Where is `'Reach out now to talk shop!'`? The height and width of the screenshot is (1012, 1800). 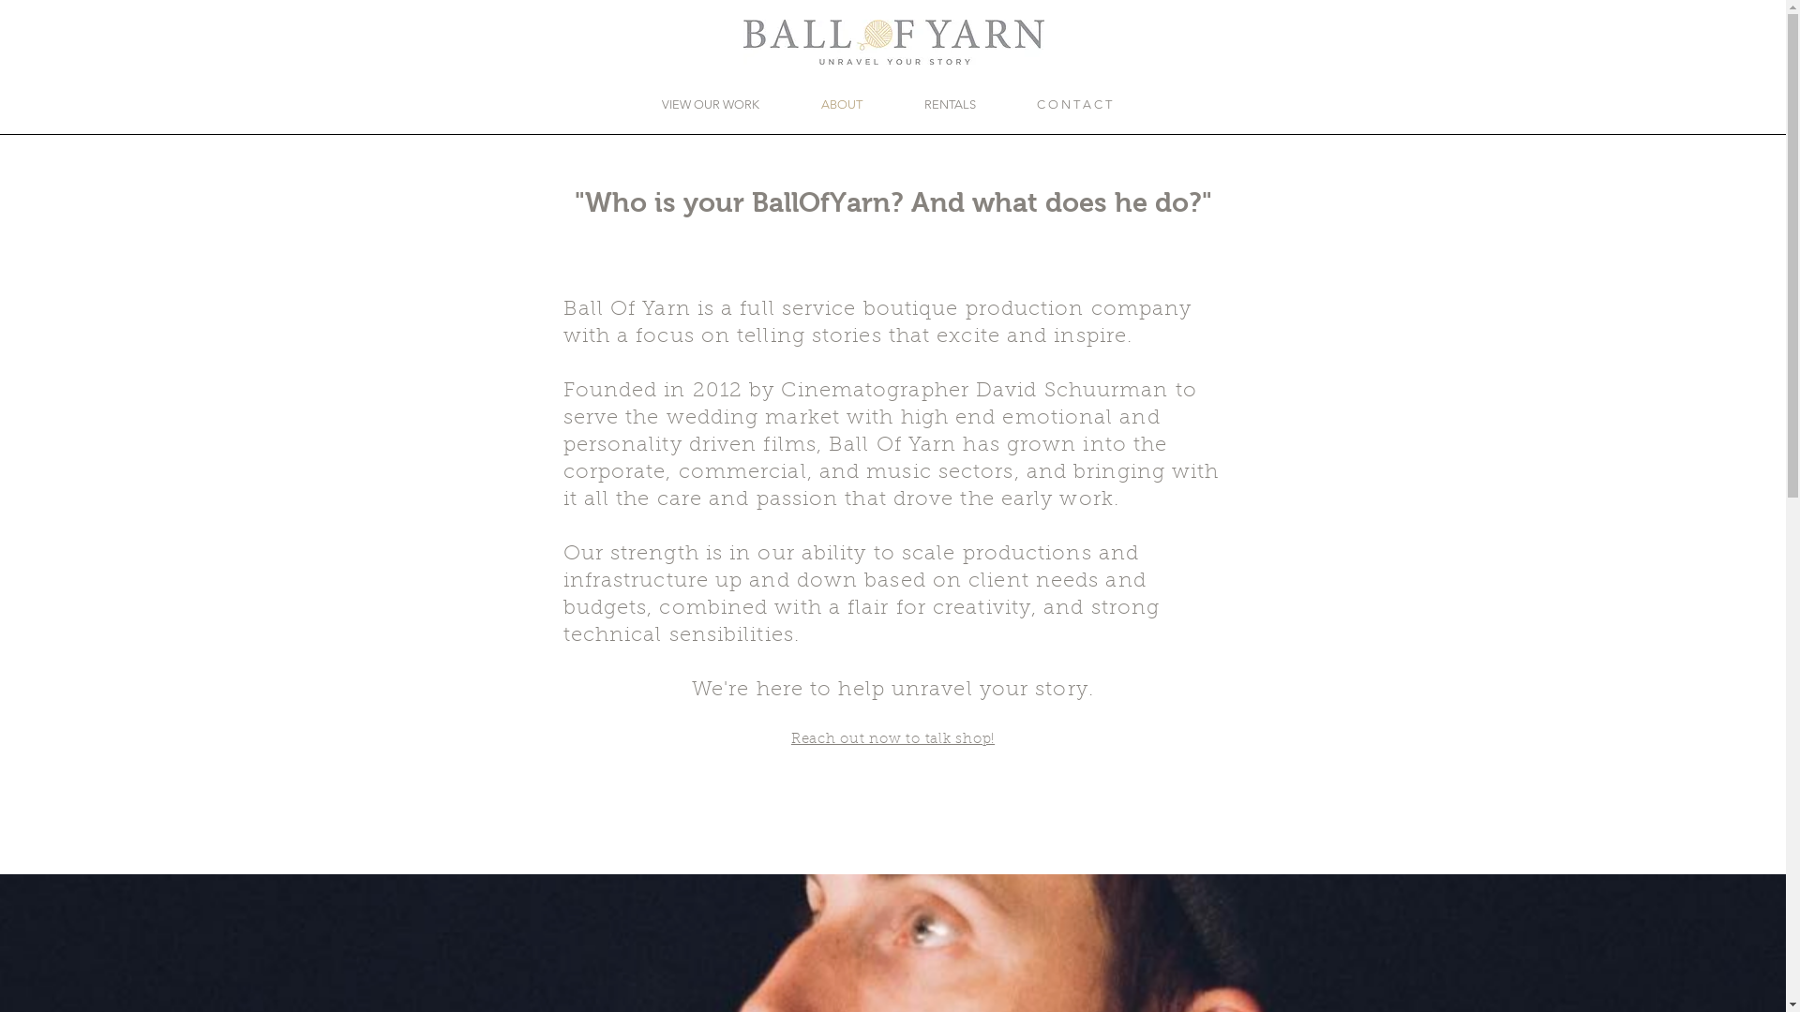 'Reach out now to talk shop!' is located at coordinates (892, 737).